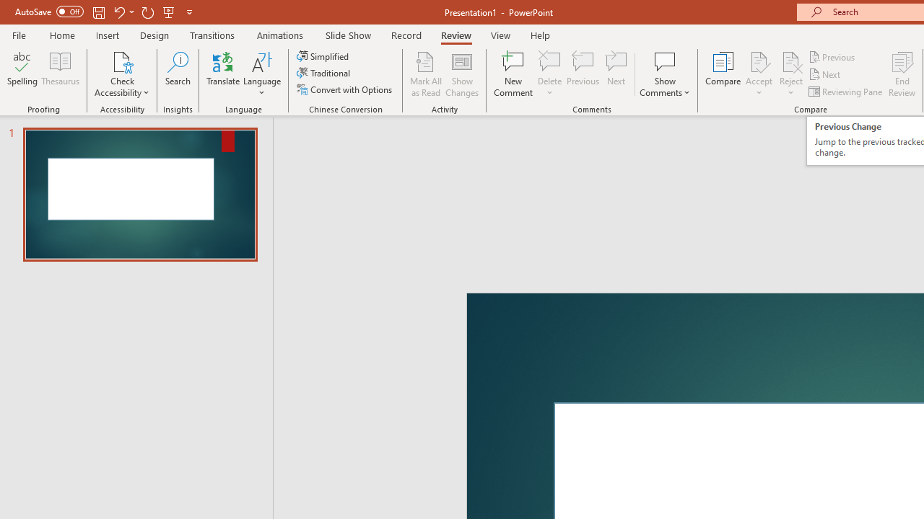 This screenshot has height=519, width=924. What do you see at coordinates (462, 74) in the screenshot?
I see `'Show Changes'` at bounding box center [462, 74].